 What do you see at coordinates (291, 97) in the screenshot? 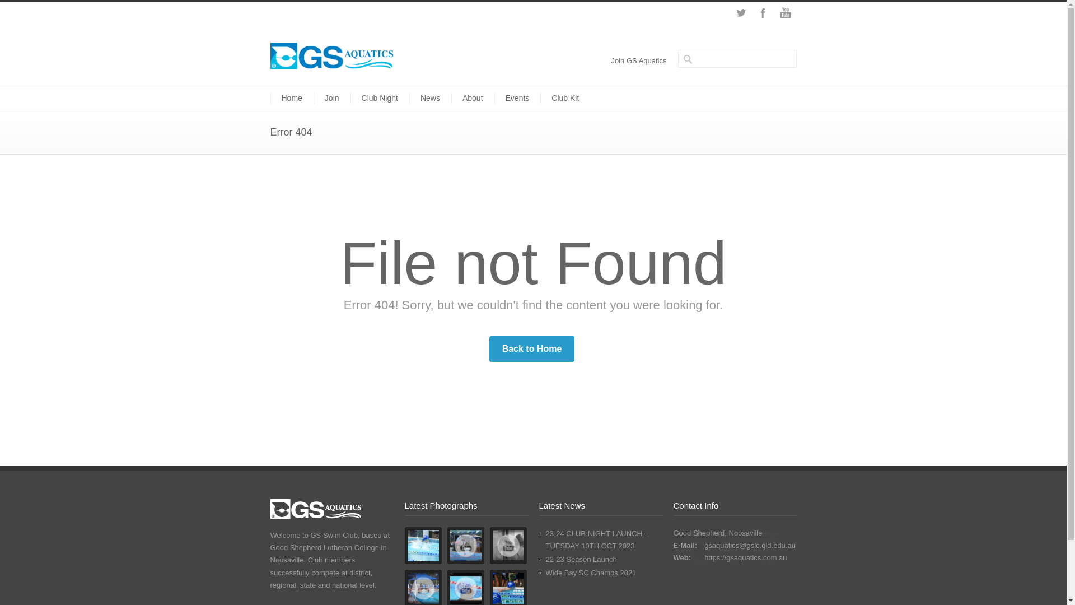
I see `'Home'` at bounding box center [291, 97].